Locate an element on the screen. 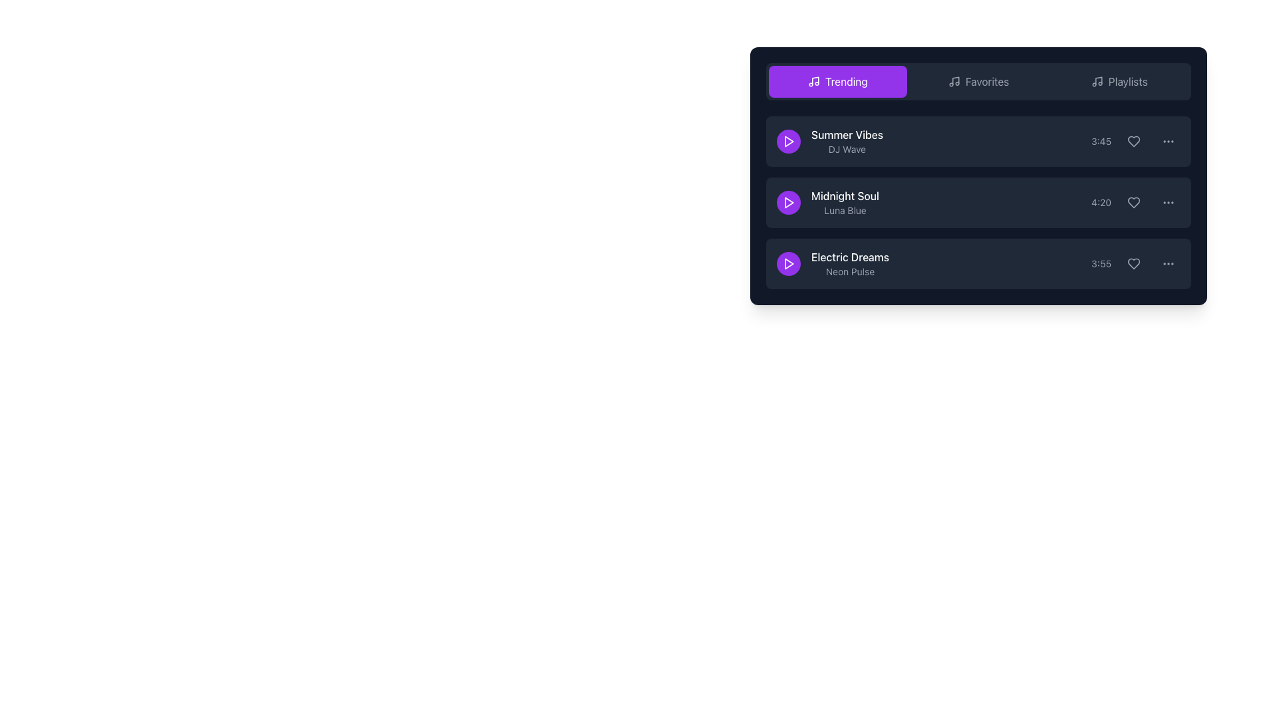 This screenshot has width=1277, height=718. the heart icon button located in the third column of the row for the 'Midnight Soul' entry, positioned between the duration ('4:20') and the ellipsis icon is located at coordinates (1135, 202).